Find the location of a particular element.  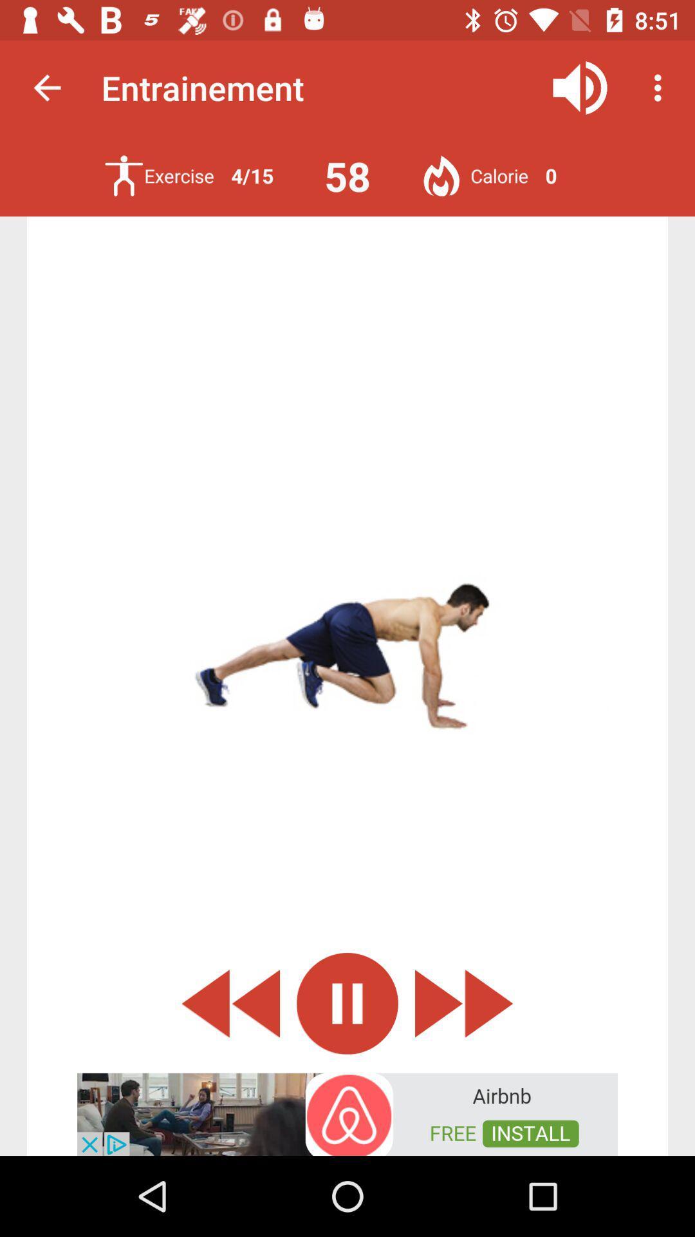

pause icon is located at coordinates (347, 1002).